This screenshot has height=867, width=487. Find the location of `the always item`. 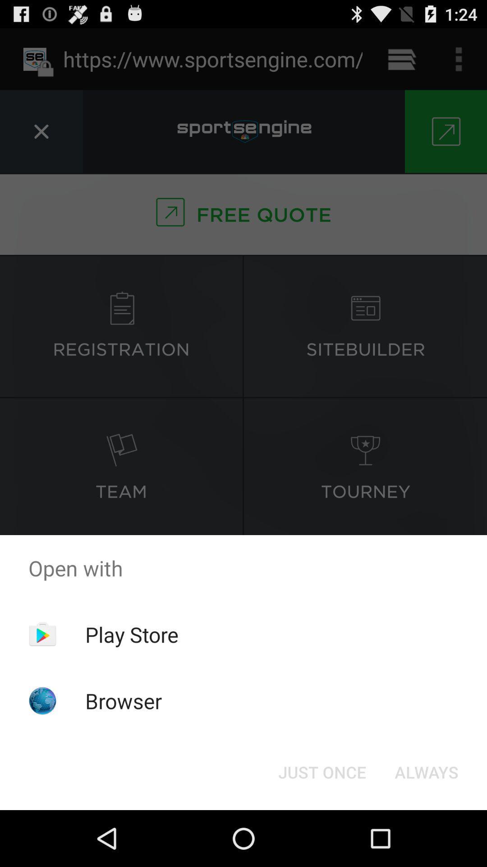

the always item is located at coordinates (426, 771).